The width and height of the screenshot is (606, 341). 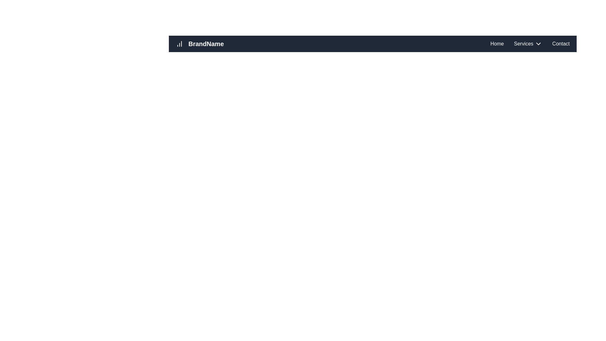 I want to click on the vertical bar chart icon located to the left of the 'BrandName' text label in the header bar, so click(x=179, y=43).